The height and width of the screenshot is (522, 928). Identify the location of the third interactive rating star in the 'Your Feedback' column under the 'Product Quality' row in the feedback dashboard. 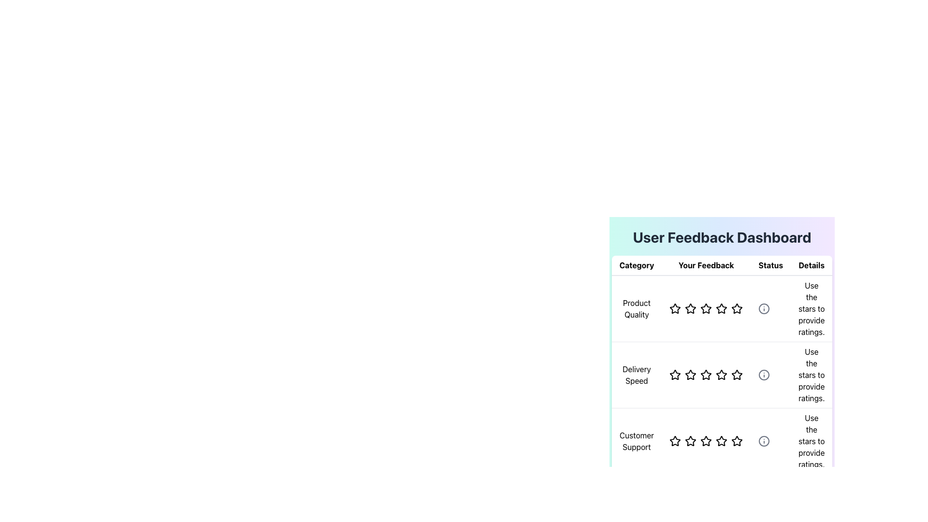
(706, 308).